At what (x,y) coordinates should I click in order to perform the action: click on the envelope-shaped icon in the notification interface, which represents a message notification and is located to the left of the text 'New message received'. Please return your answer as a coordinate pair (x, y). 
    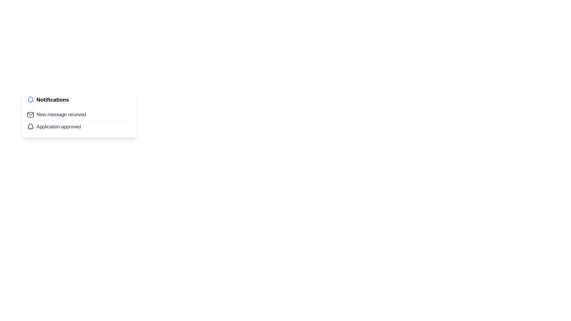
    Looking at the image, I should click on (30, 114).